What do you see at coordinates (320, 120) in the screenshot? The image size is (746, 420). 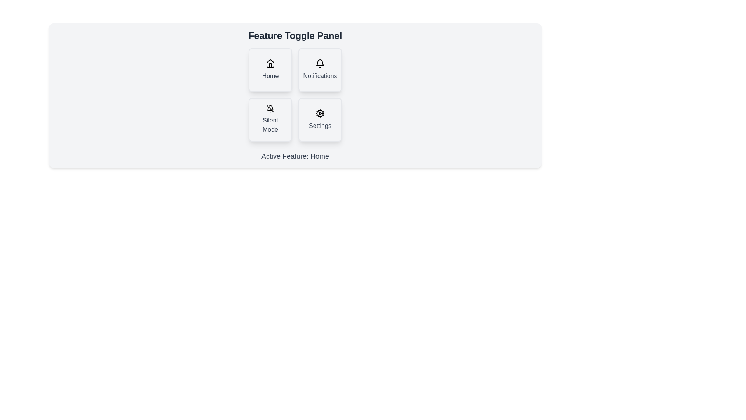 I see `the button corresponding to the feature Settings` at bounding box center [320, 120].